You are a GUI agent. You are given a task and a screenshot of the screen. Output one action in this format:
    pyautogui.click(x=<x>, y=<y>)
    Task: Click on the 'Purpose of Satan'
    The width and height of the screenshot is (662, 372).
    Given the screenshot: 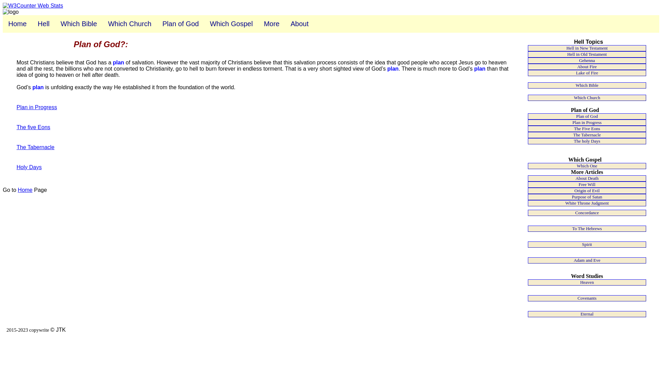 What is the action you would take?
    pyautogui.click(x=586, y=197)
    